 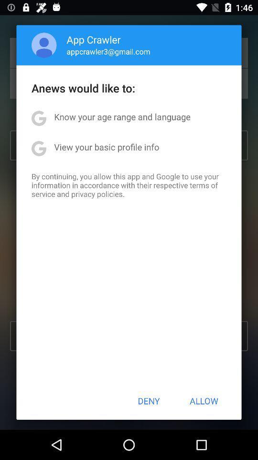 What do you see at coordinates (106, 147) in the screenshot?
I see `the view your basic icon` at bounding box center [106, 147].